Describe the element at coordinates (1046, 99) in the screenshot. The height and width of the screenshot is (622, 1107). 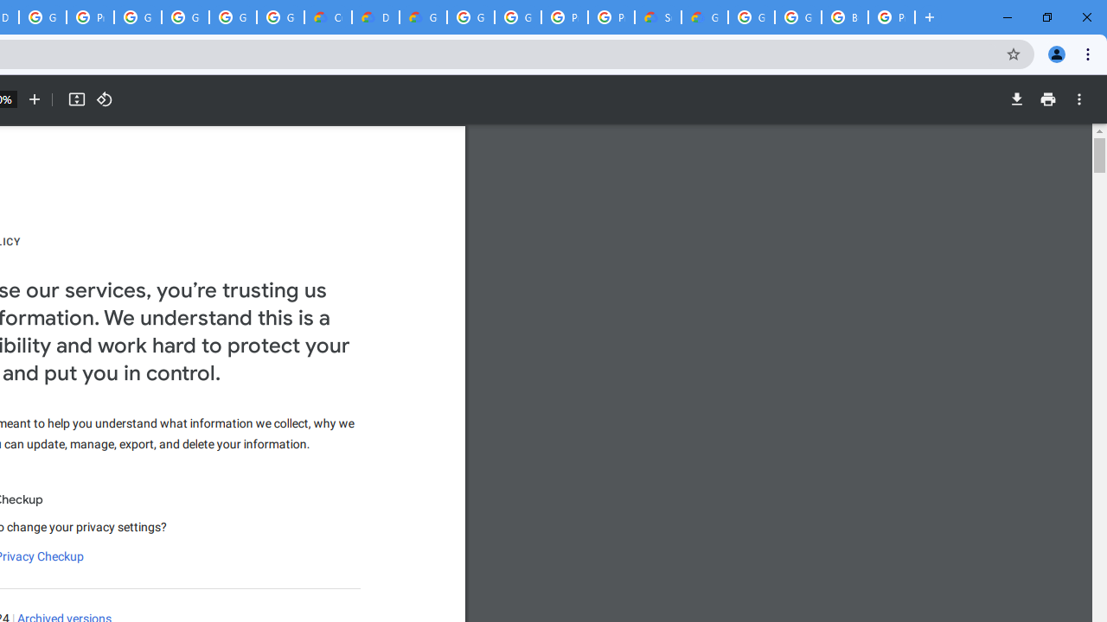
I see `'Print'` at that location.